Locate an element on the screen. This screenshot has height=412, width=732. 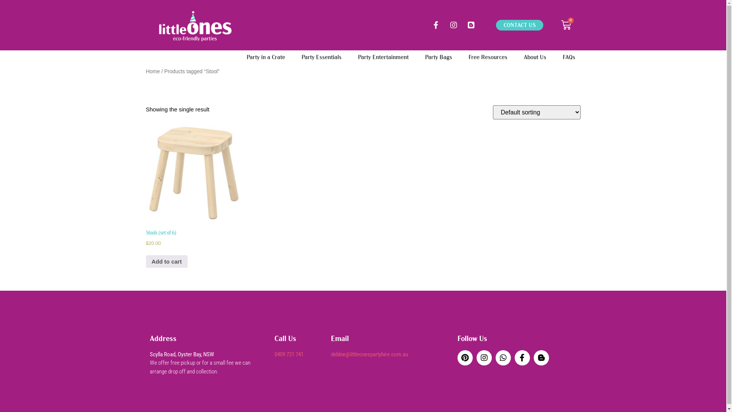
'Free Resources' is located at coordinates (487, 57).